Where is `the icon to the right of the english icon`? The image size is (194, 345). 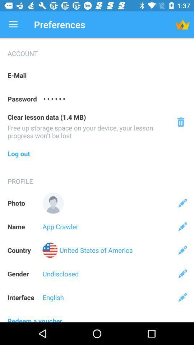 the icon to the right of the english icon is located at coordinates (183, 297).